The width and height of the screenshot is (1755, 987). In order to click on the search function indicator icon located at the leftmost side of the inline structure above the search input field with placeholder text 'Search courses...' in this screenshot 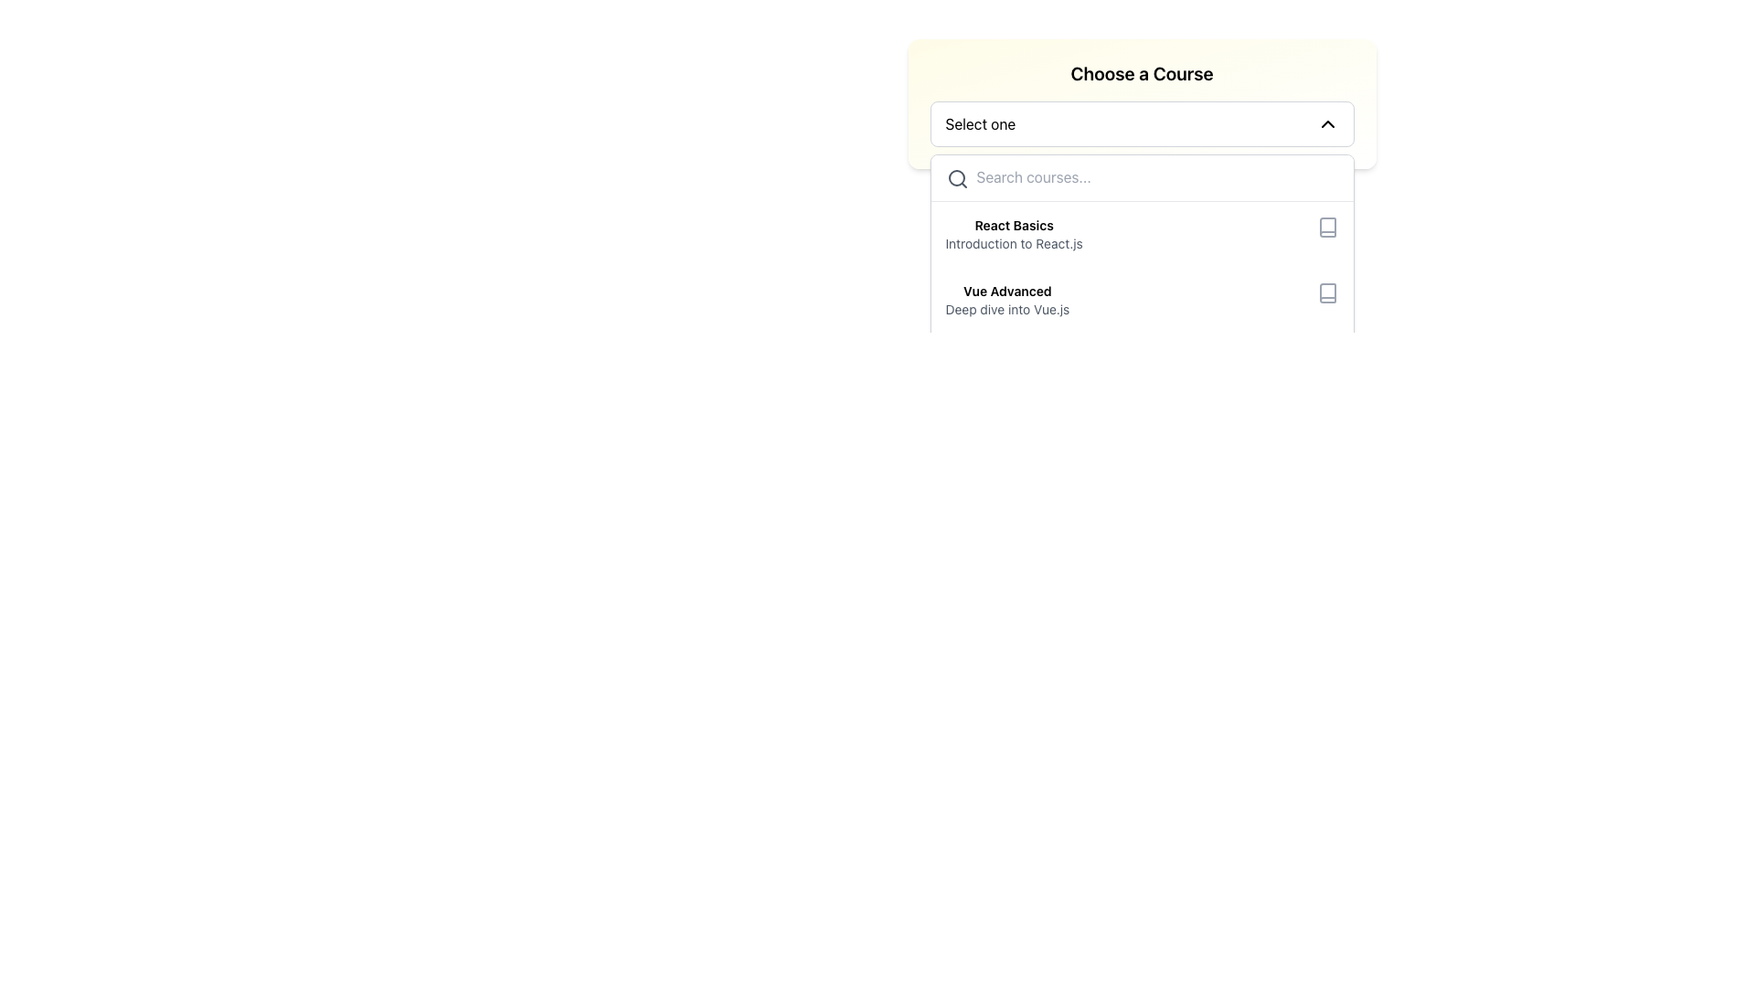, I will do `click(957, 178)`.